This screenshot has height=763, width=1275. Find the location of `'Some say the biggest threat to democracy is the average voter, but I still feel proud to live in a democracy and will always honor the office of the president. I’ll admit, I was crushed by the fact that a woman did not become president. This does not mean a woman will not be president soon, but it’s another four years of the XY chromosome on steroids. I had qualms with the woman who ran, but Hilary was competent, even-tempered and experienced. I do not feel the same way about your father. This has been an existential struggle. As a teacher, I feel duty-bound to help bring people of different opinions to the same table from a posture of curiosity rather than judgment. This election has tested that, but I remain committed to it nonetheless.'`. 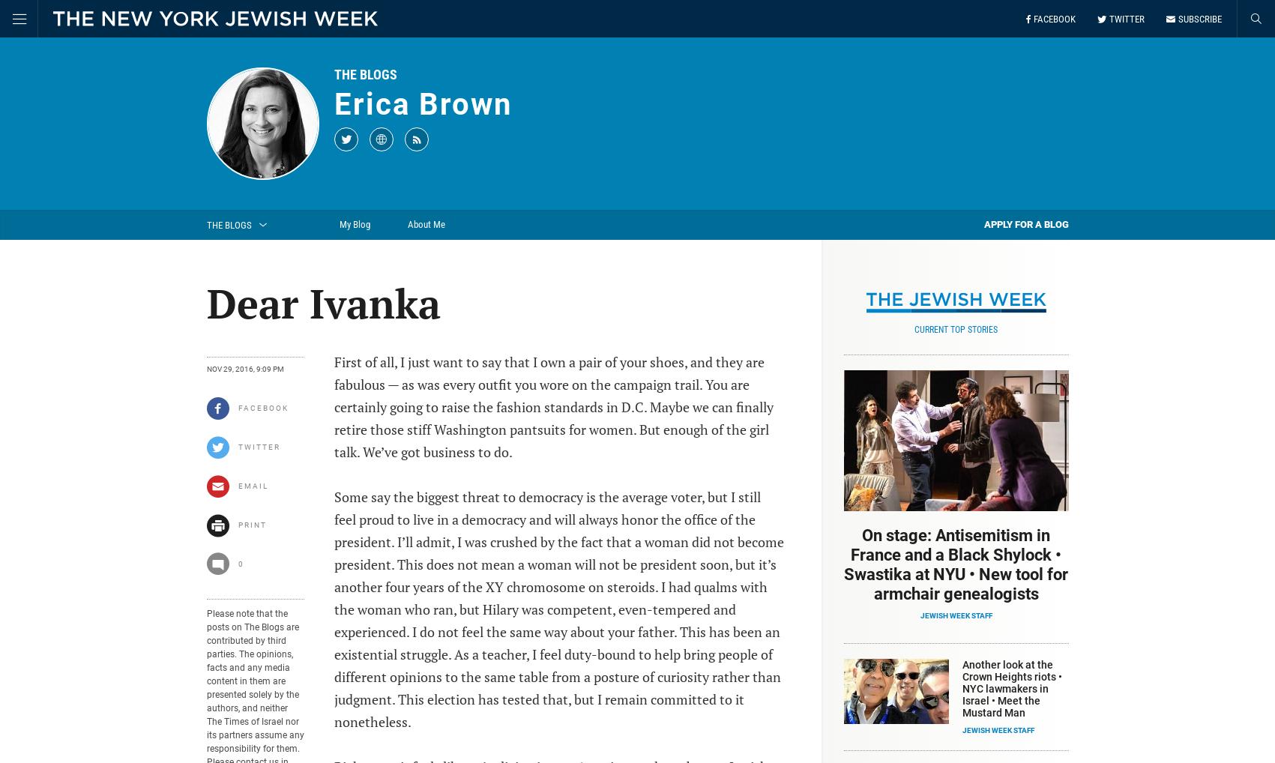

'Some say the biggest threat to democracy is the average voter, but I still feel proud to live in a democracy and will always honor the office of the president. I’ll admit, I was crushed by the fact that a woman did not become president. This does not mean a woman will not be president soon, but it’s another four years of the XY chromosome on steroids. I had qualms with the woman who ran, but Hilary was competent, even-tempered and experienced. I do not feel the same way about your father. This has been an existential struggle. As a teacher, I feel duty-bound to help bring people of different opinions to the same table from a posture of curiosity rather than judgment. This election has tested that, but I remain committed to it nonetheless.' is located at coordinates (558, 609).